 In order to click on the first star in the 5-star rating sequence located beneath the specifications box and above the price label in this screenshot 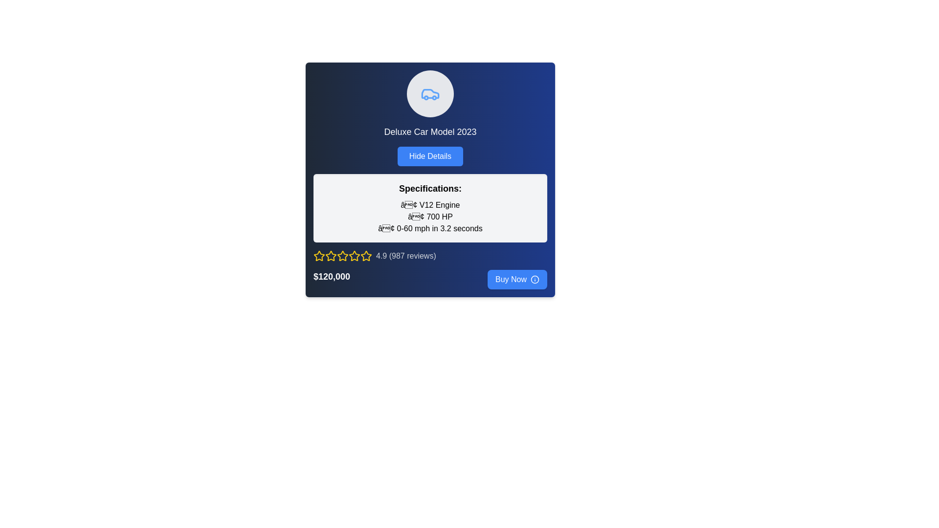, I will do `click(319, 255)`.